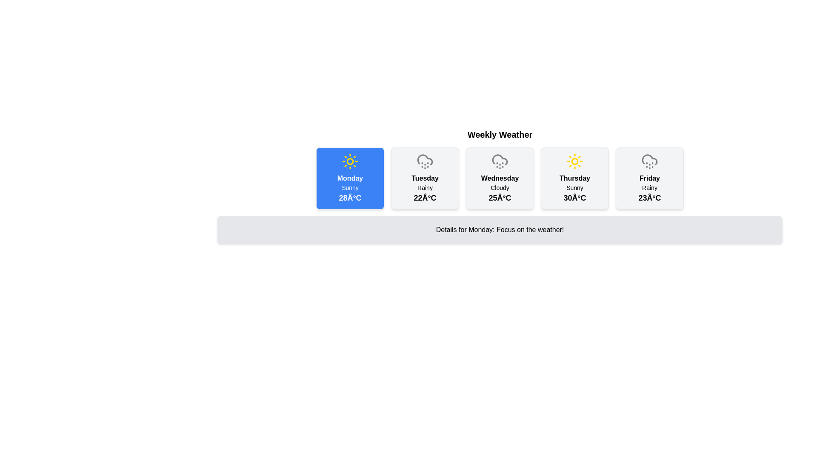 This screenshot has height=459, width=817. I want to click on the temperature text displayed under the 'Rainy' label in the 'Tuesday' weather forecast card, so click(425, 198).